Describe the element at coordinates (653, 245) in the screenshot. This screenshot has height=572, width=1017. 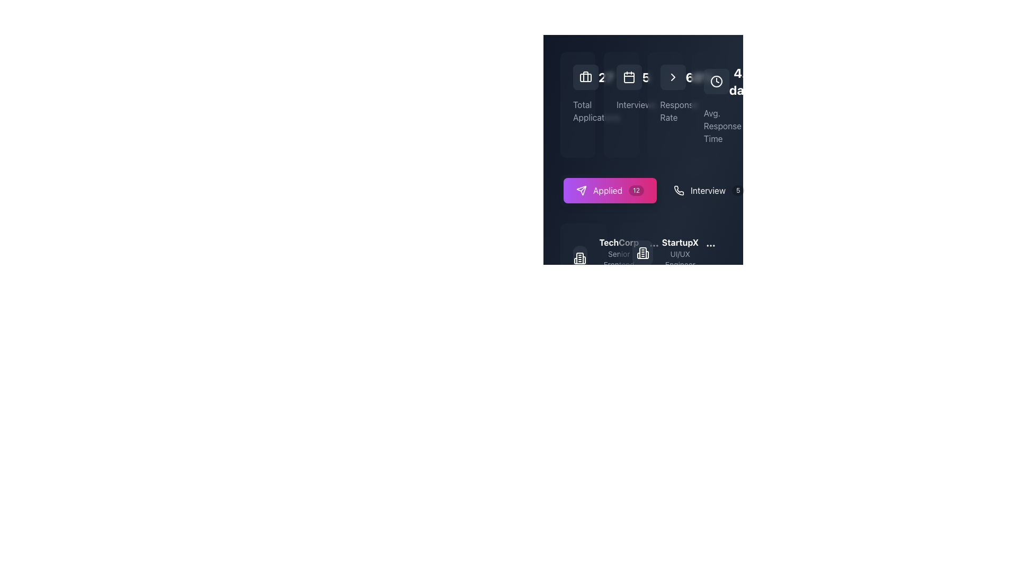
I see `the Ellipsis icon located` at that location.